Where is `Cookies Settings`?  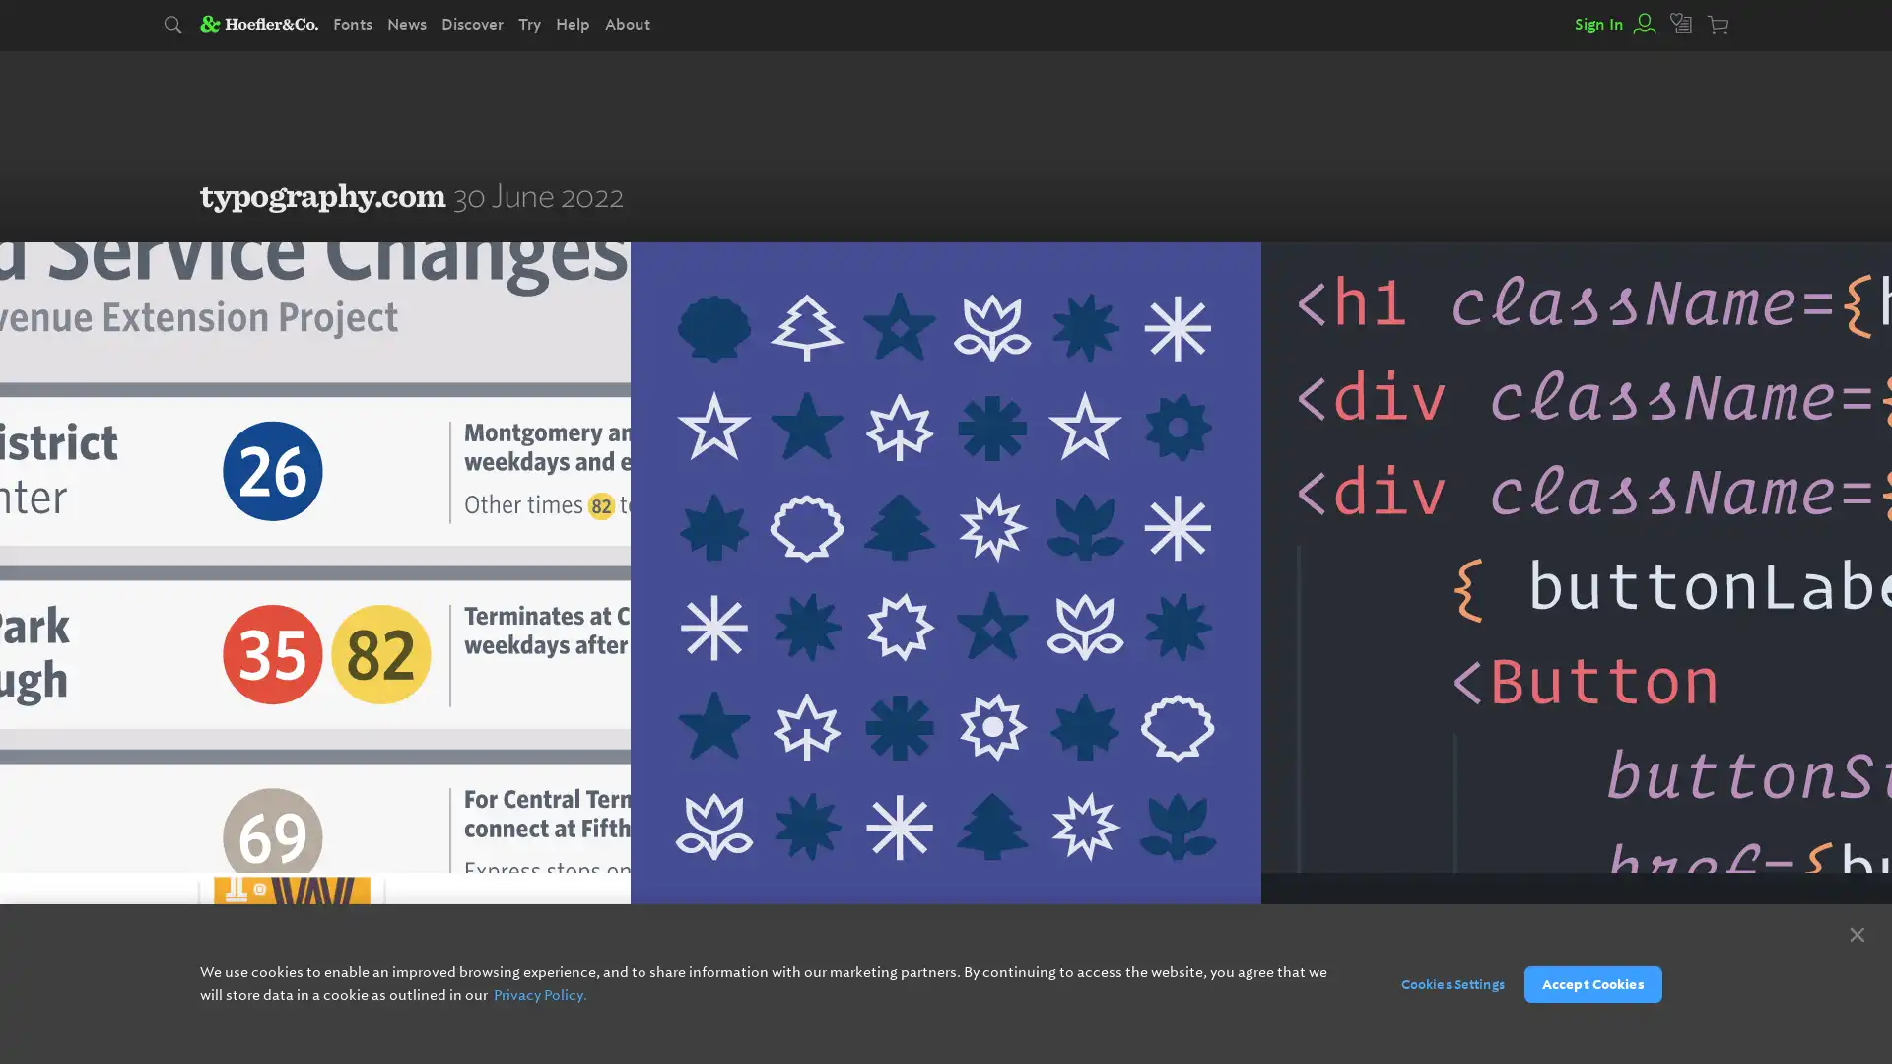
Cookies Settings is located at coordinates (1442, 983).